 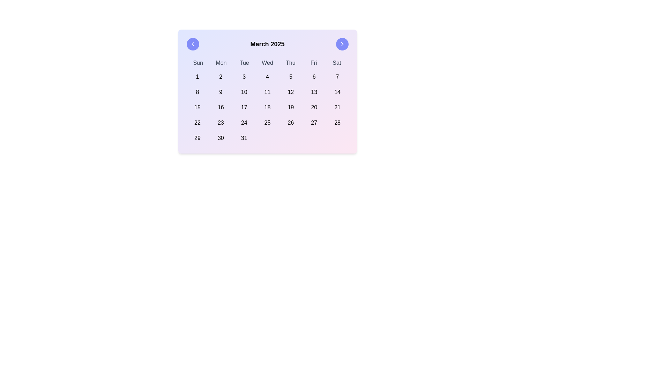 I want to click on the circular button with an indigo background and a white chevron icon, located just left of the text 'March 2025', so click(x=193, y=44).